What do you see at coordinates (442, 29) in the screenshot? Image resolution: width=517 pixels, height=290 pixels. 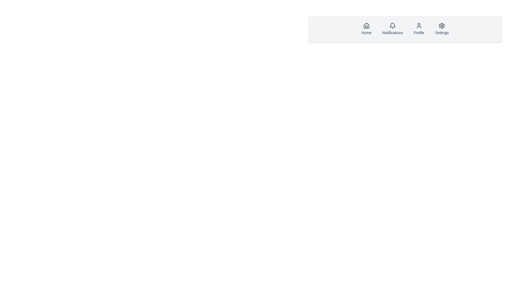 I see `the settings navigation button, which is the fourth item in the horizontal list of navigation options located at the top-right of the page` at bounding box center [442, 29].